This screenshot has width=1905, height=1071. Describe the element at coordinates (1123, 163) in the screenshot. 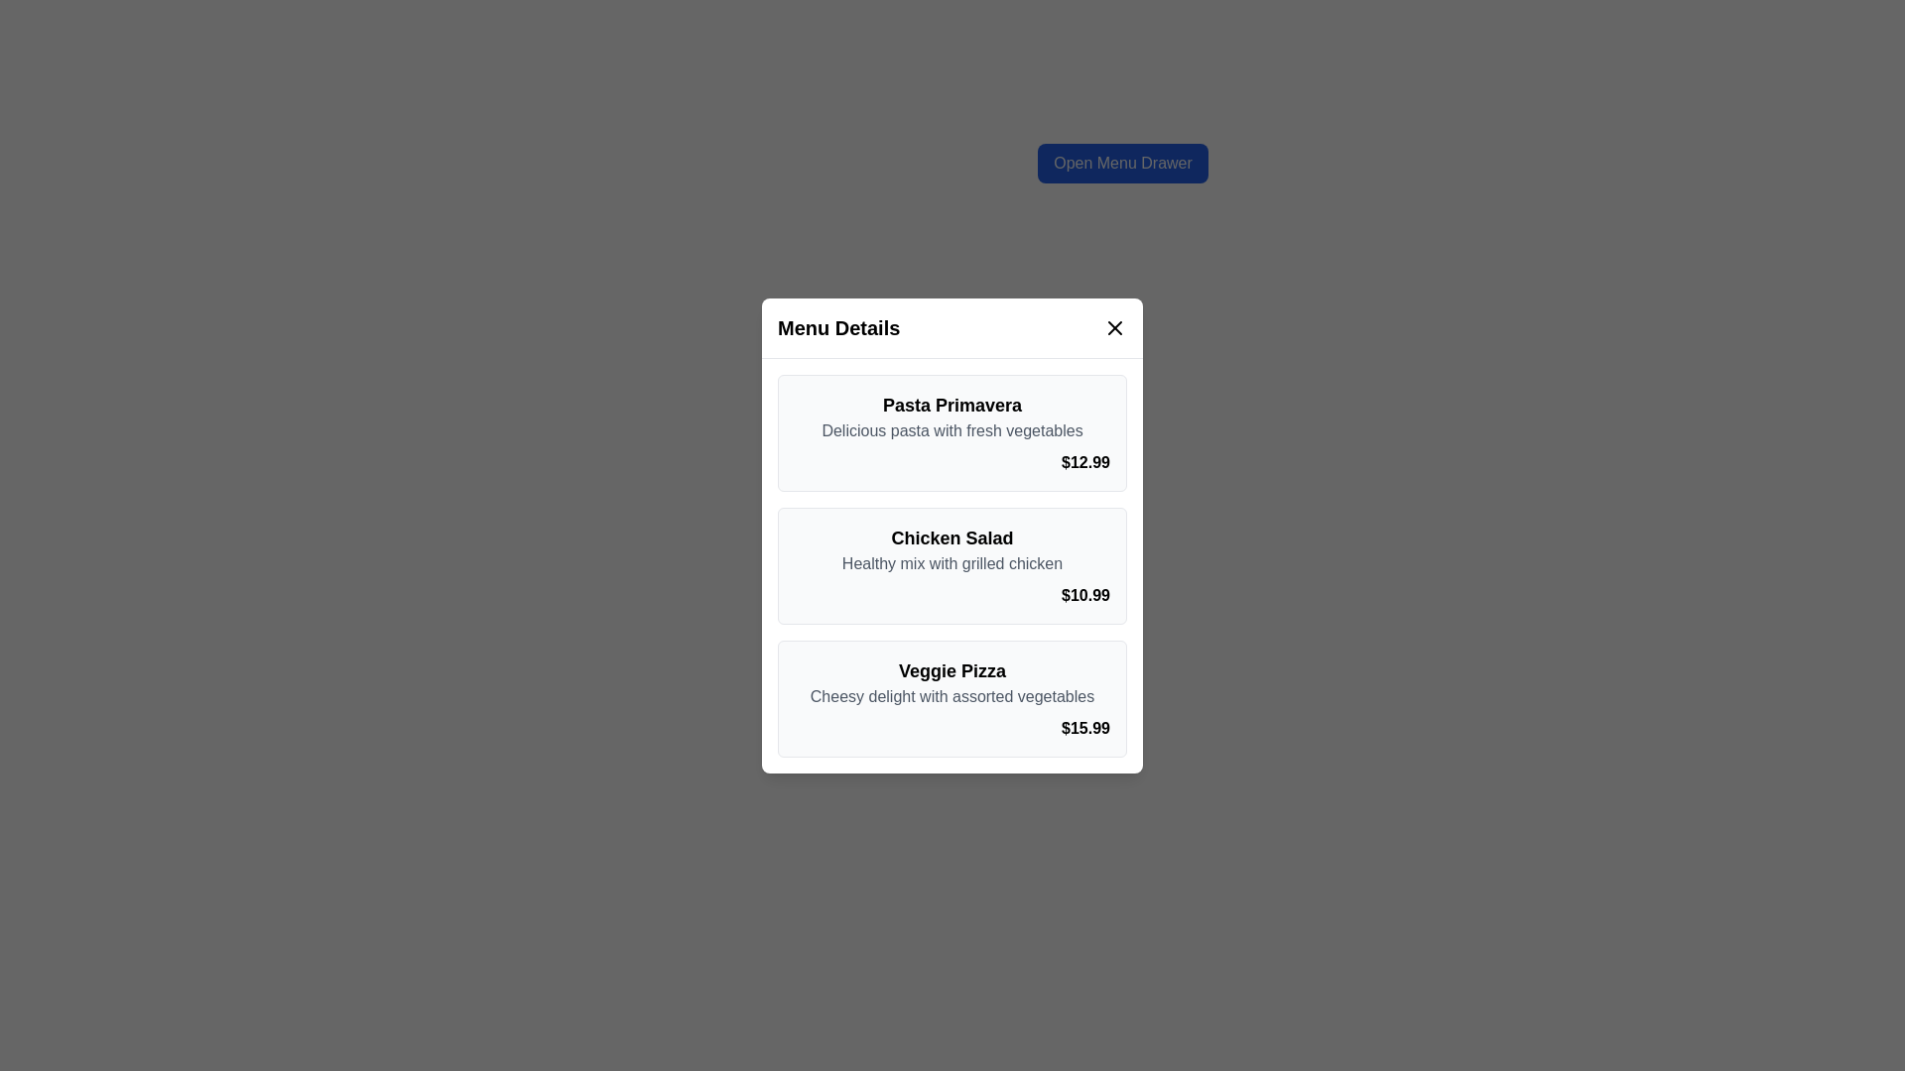

I see `the 'Open Menu Drawer' button, which is a rectangular button with rounded corners, blue background, and white text, located in the top-right quadrant of the interface` at that location.